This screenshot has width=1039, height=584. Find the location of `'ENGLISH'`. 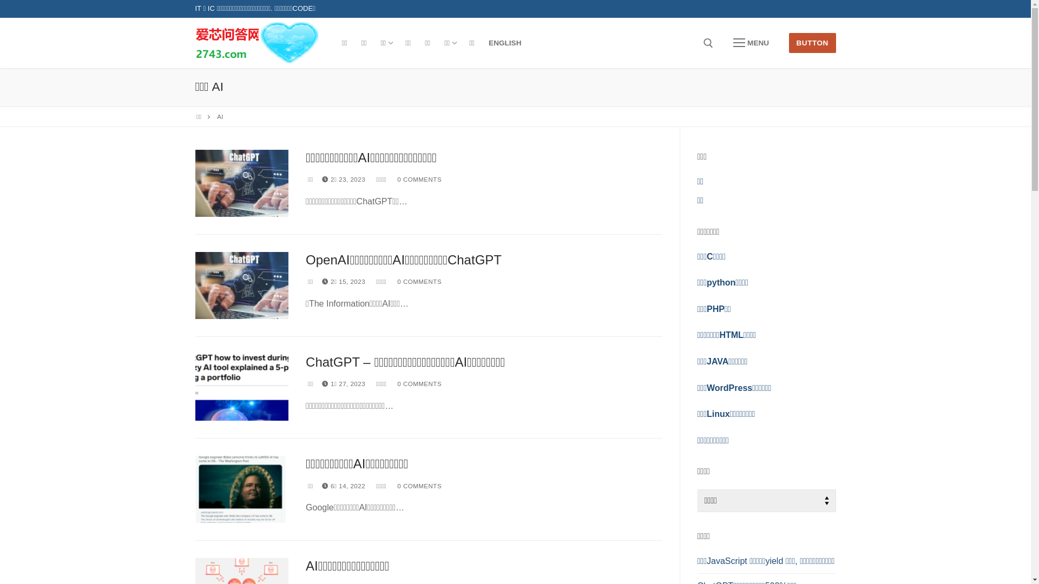

'ENGLISH' is located at coordinates (504, 43).